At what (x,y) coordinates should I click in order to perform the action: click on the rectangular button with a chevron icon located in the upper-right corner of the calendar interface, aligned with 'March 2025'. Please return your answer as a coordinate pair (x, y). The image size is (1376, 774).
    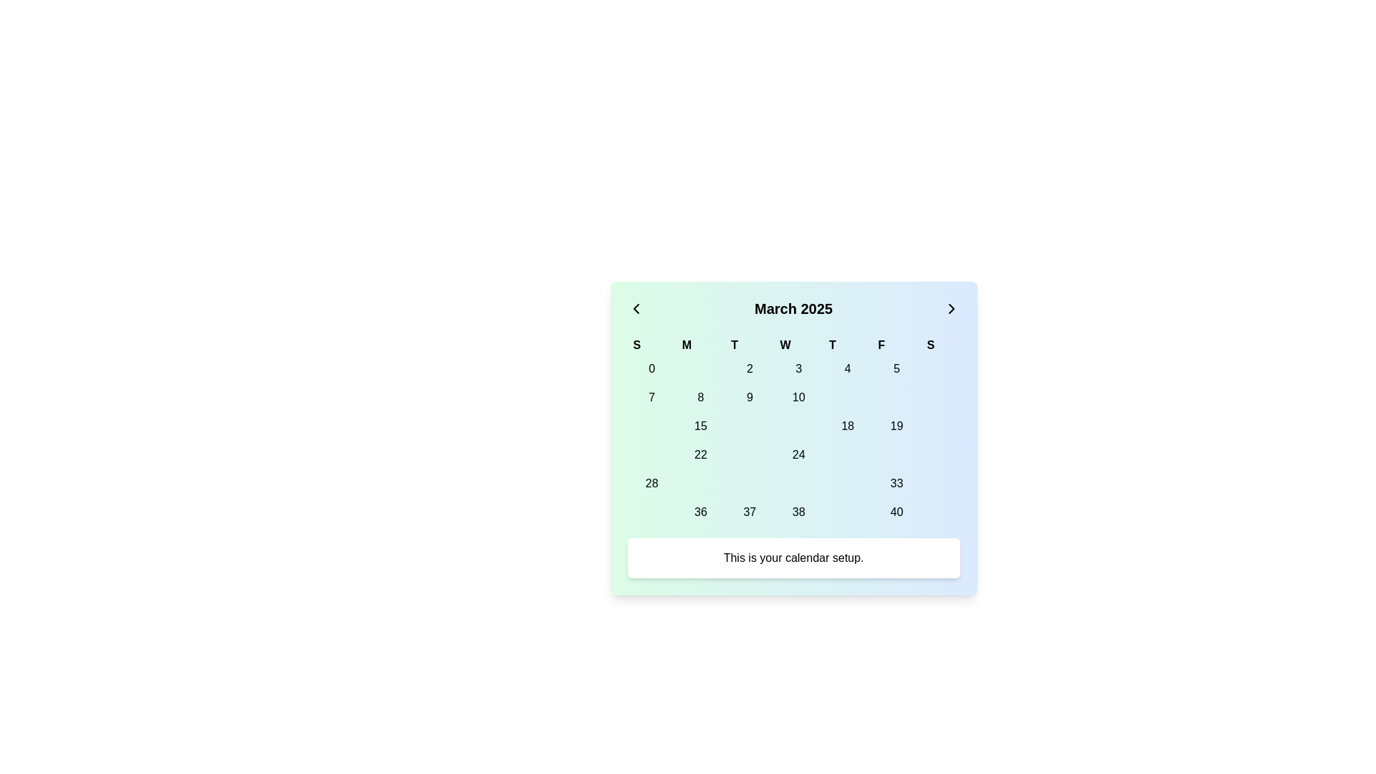
    Looking at the image, I should click on (951, 308).